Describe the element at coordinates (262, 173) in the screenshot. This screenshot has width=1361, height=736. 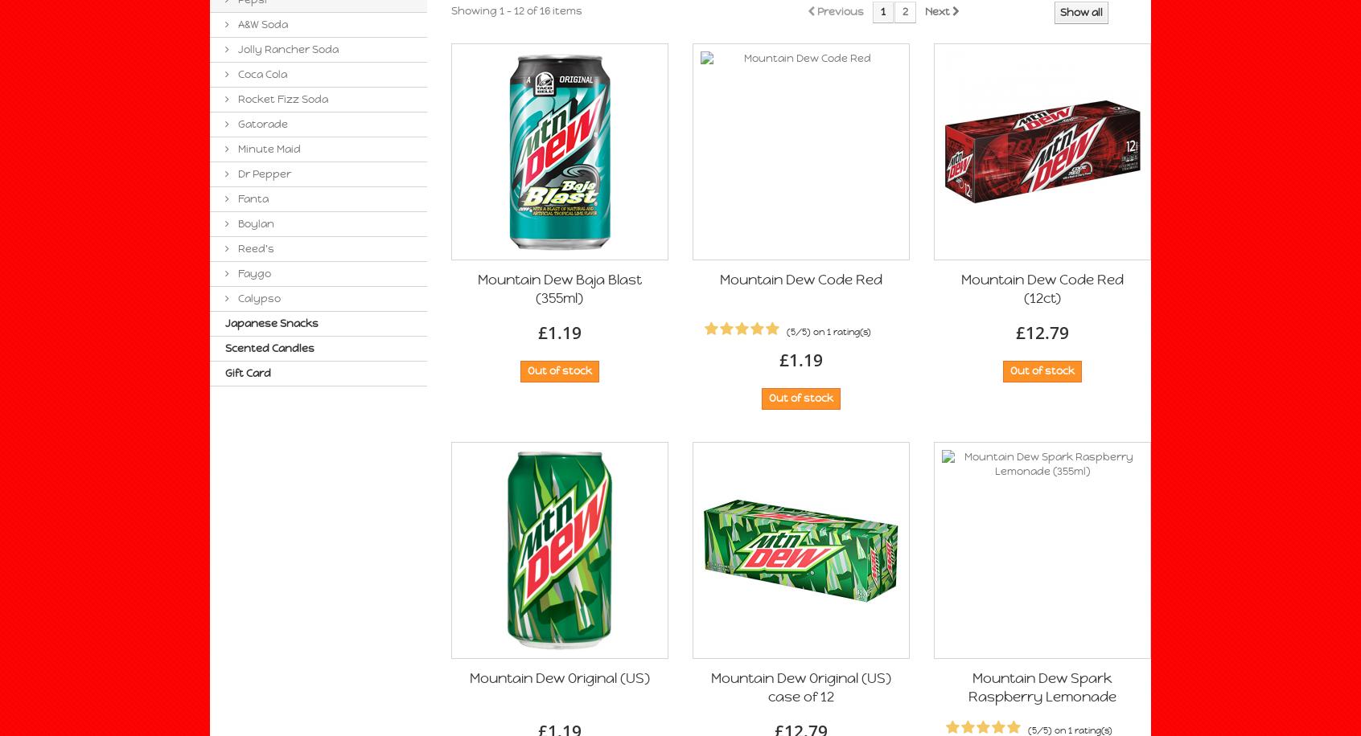
I see `'Dr Pepper'` at that location.